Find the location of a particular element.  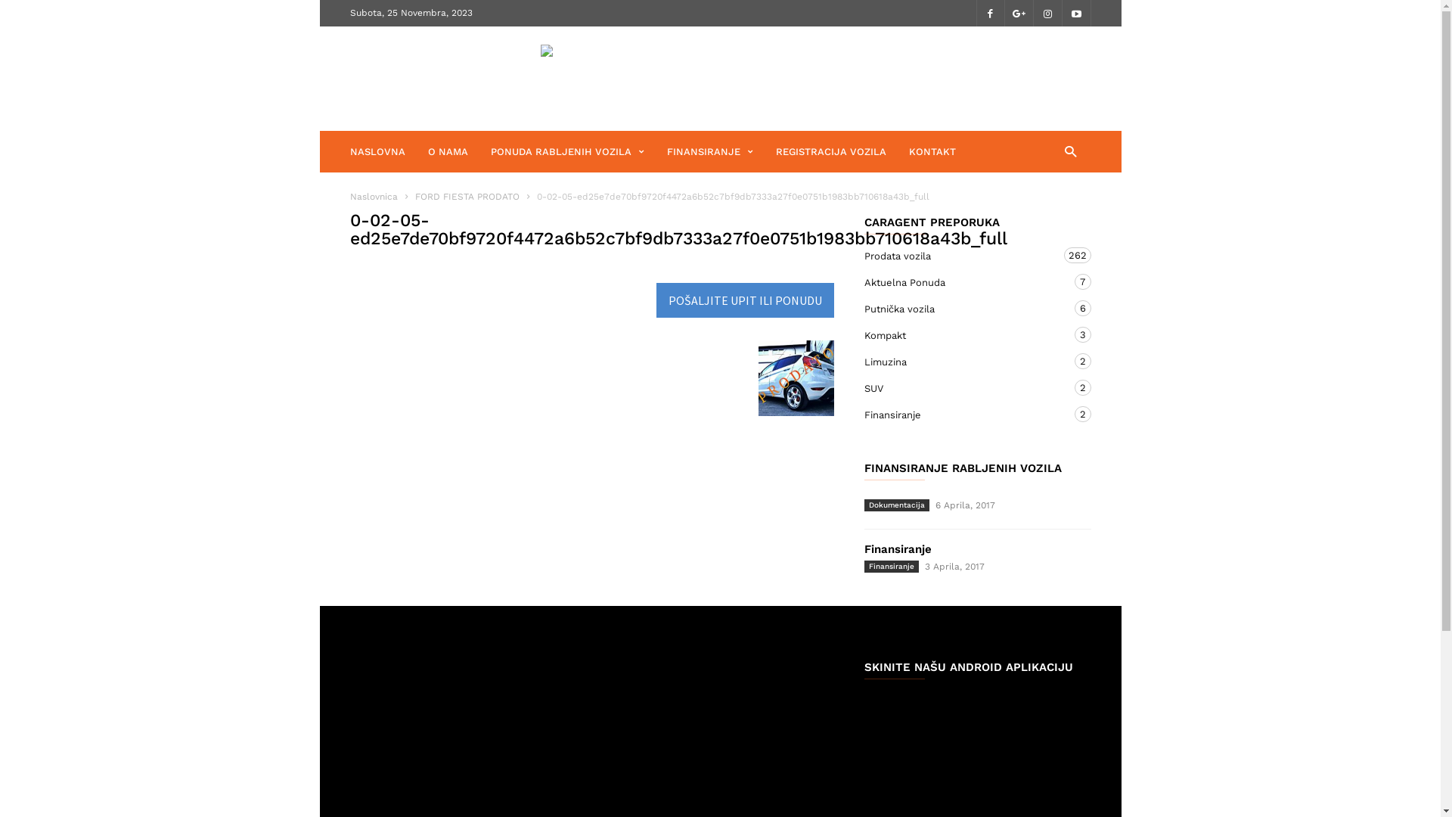

'FINANSIRANJE RABLJENIH VOZILA' is located at coordinates (864, 468).